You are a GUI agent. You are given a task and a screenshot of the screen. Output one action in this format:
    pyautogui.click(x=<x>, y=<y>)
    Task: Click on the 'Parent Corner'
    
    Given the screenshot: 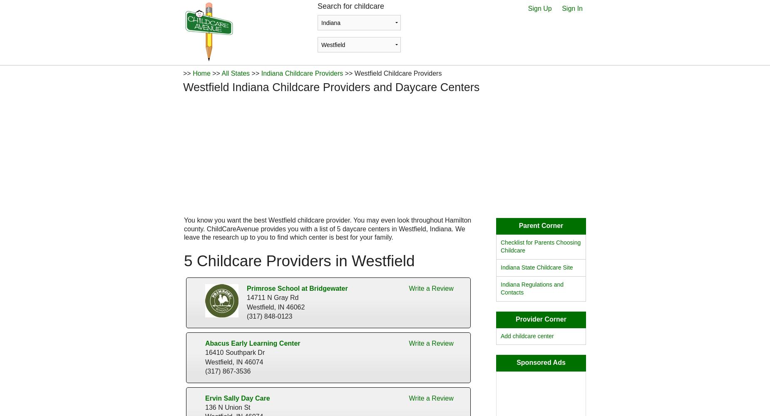 What is the action you would take?
    pyautogui.click(x=540, y=225)
    